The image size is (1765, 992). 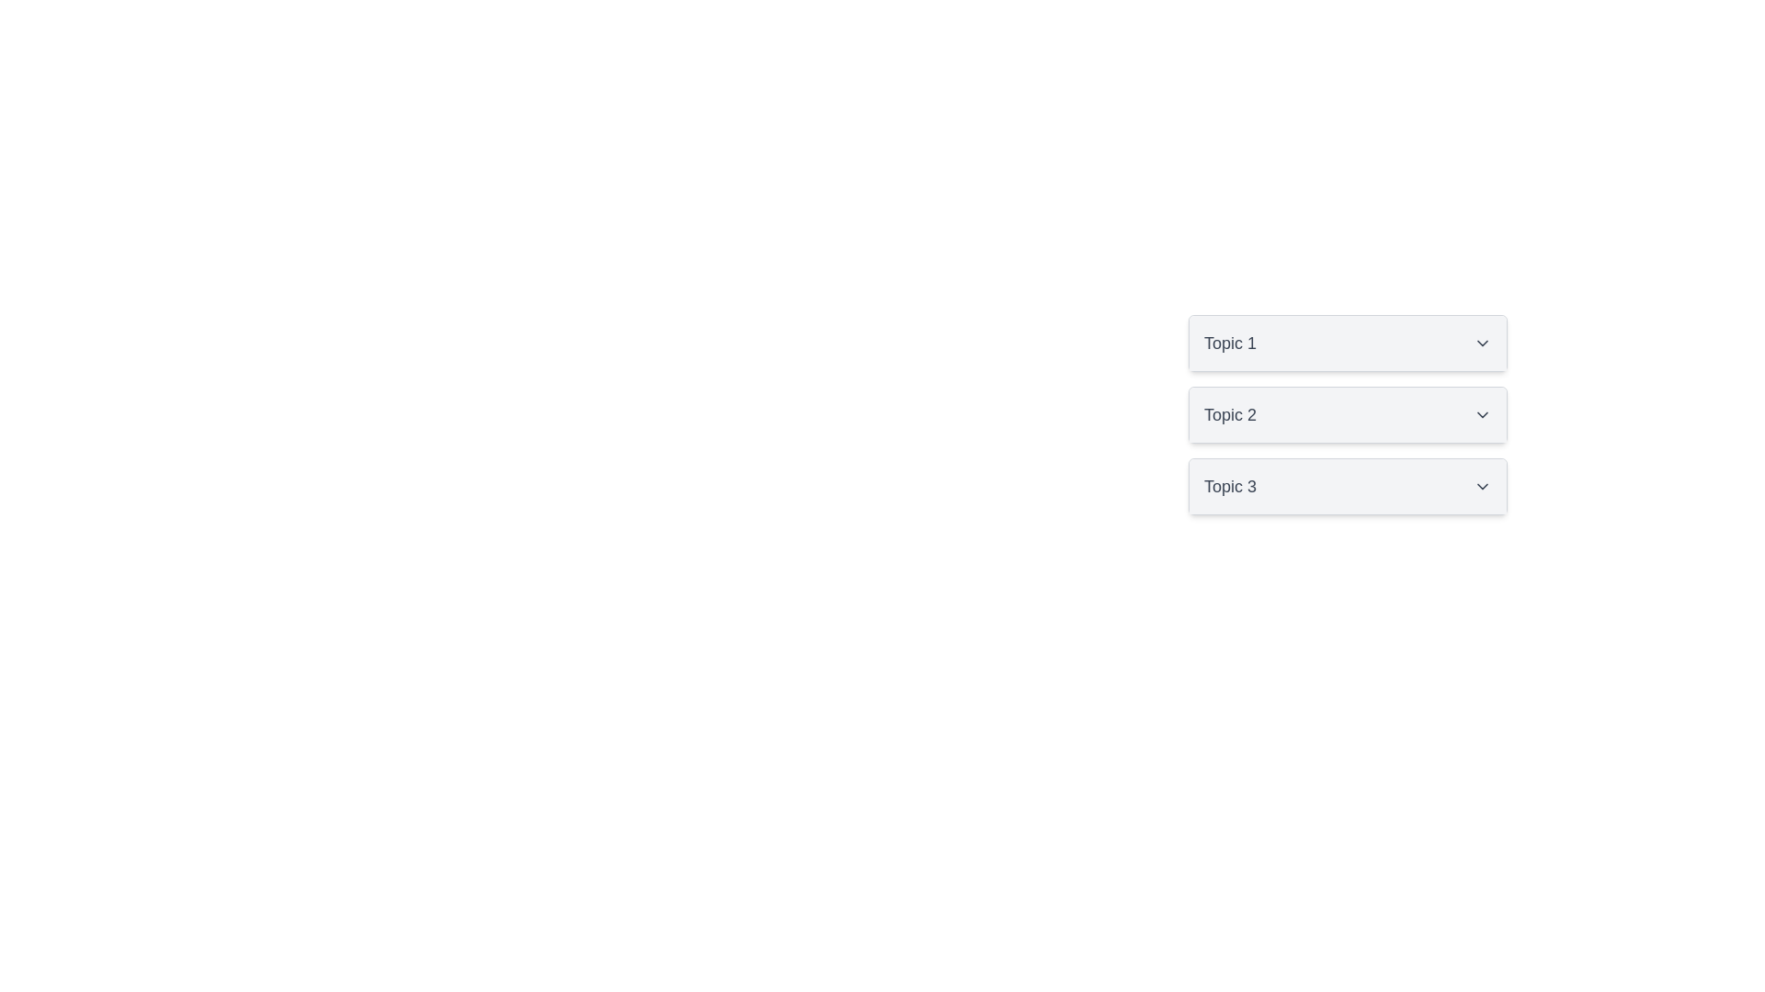 I want to click on the 'Topic 3' text label, so click(x=1230, y=485).